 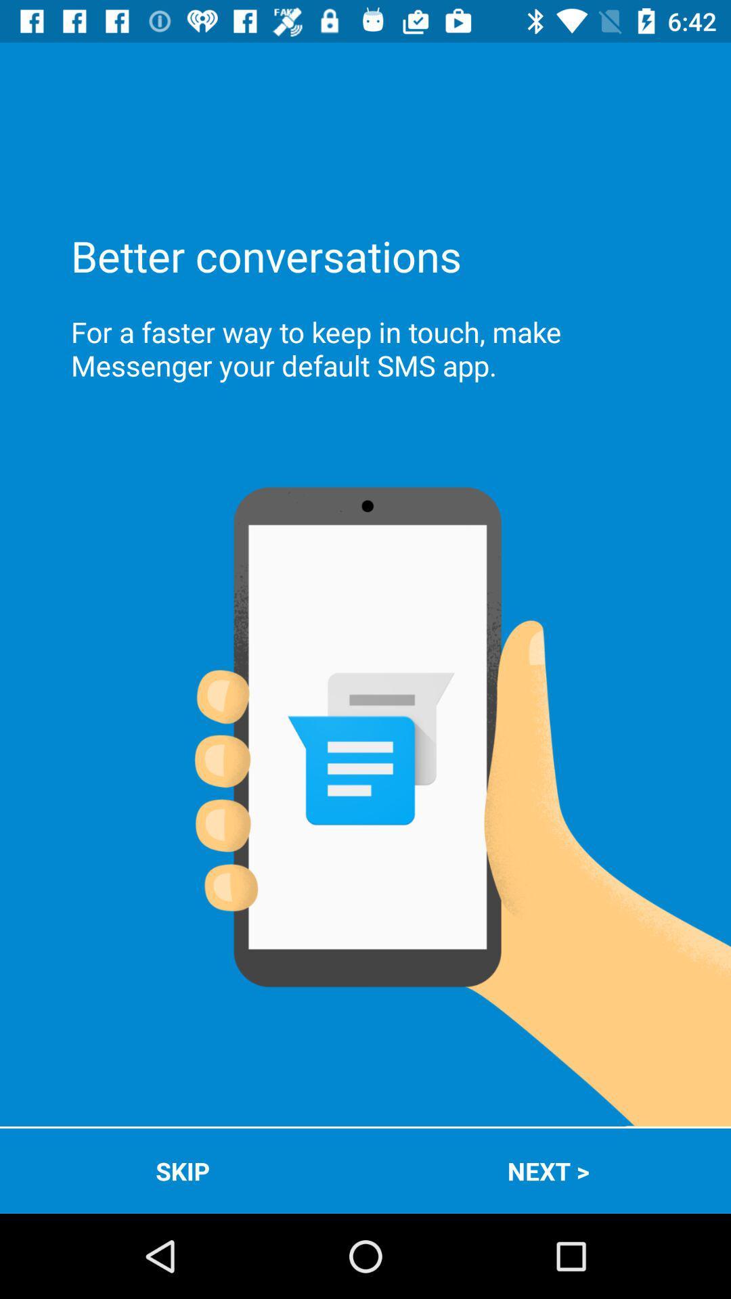 I want to click on the icon to the left of the next > app, so click(x=183, y=1170).